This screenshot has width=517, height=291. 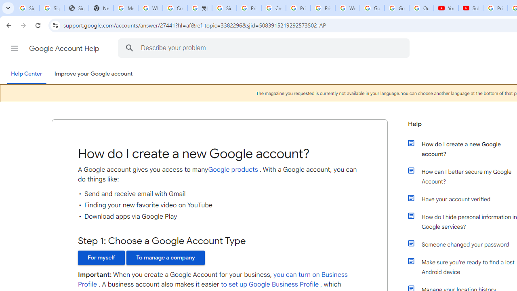 What do you see at coordinates (129, 48) in the screenshot?
I see `'Search the Help Center'` at bounding box center [129, 48].